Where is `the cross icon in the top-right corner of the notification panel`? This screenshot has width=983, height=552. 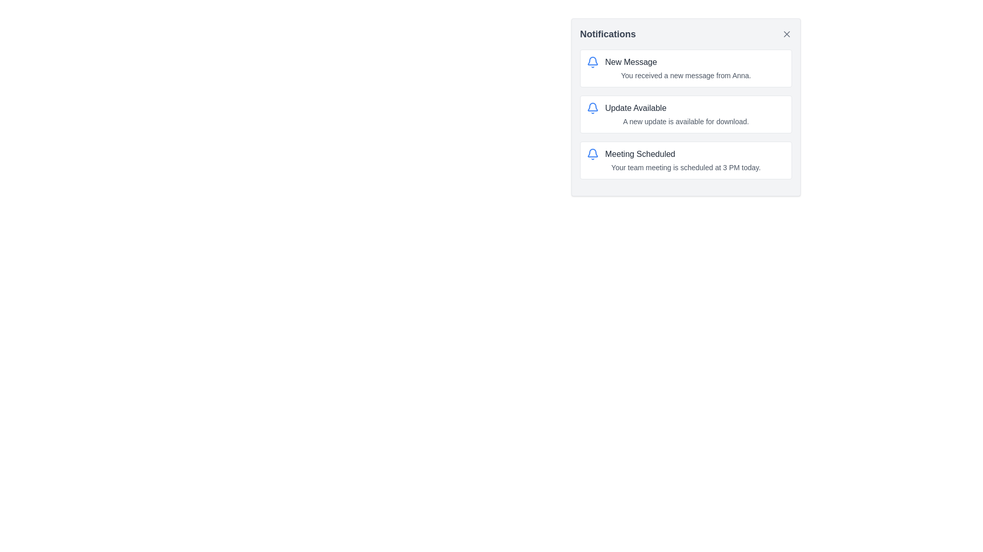 the cross icon in the top-right corner of the notification panel is located at coordinates (786, 33).